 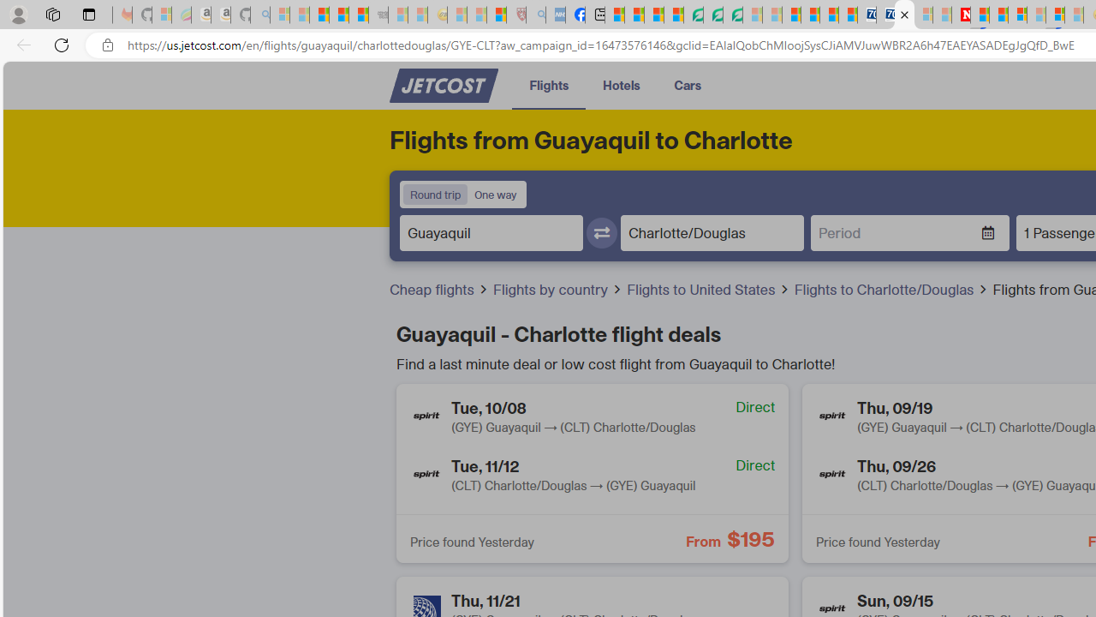 I want to click on 'Combat Siege', so click(x=378, y=15).